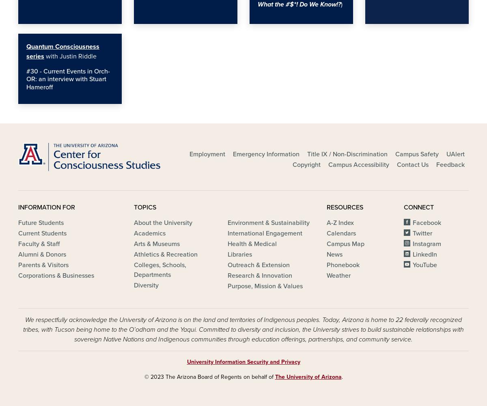  Describe the element at coordinates (334, 255) in the screenshot. I see `'News'` at that location.